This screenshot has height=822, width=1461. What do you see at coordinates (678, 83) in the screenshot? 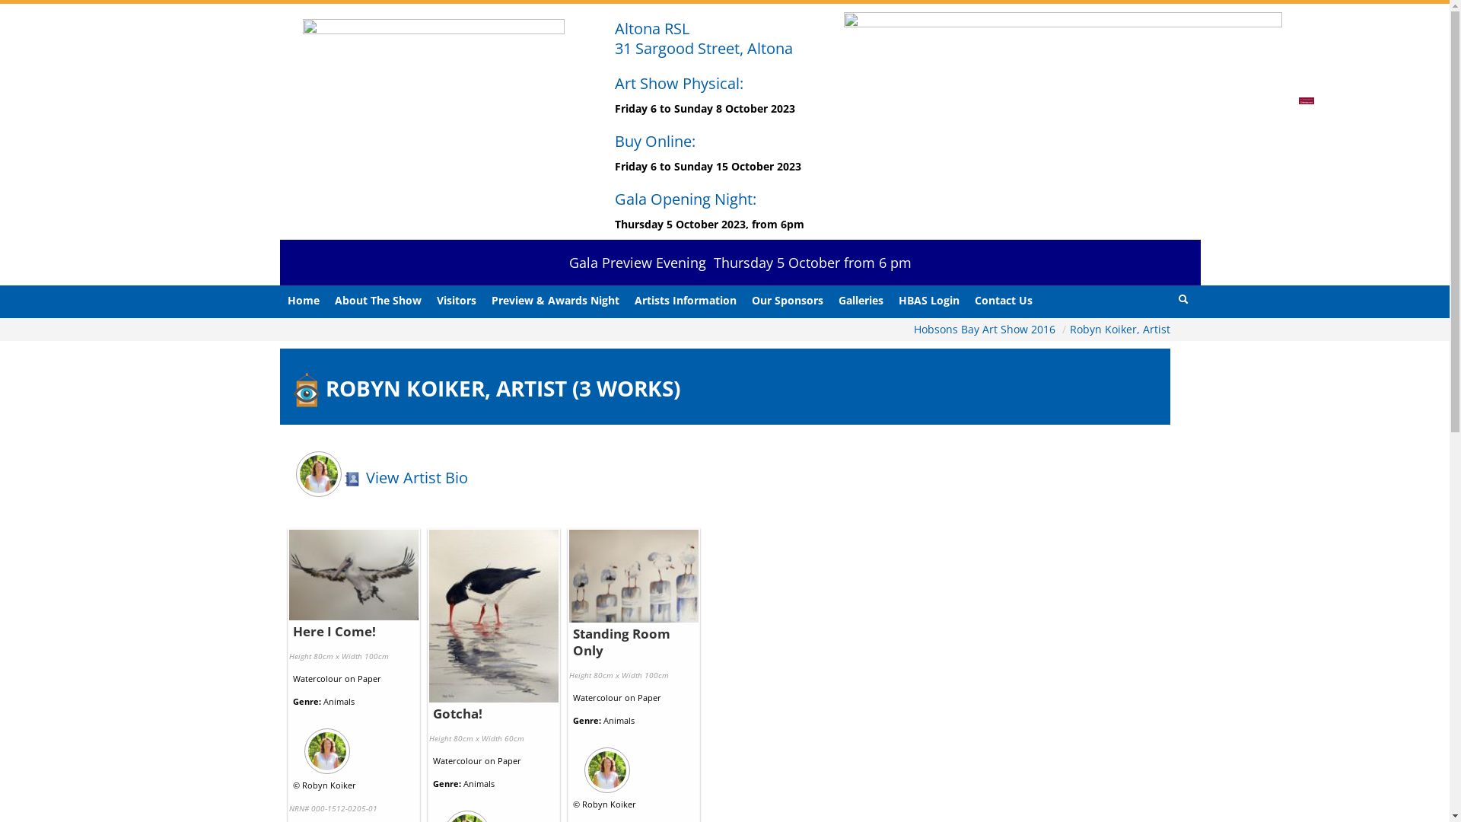
I see `'Art Show Physical:'` at bounding box center [678, 83].